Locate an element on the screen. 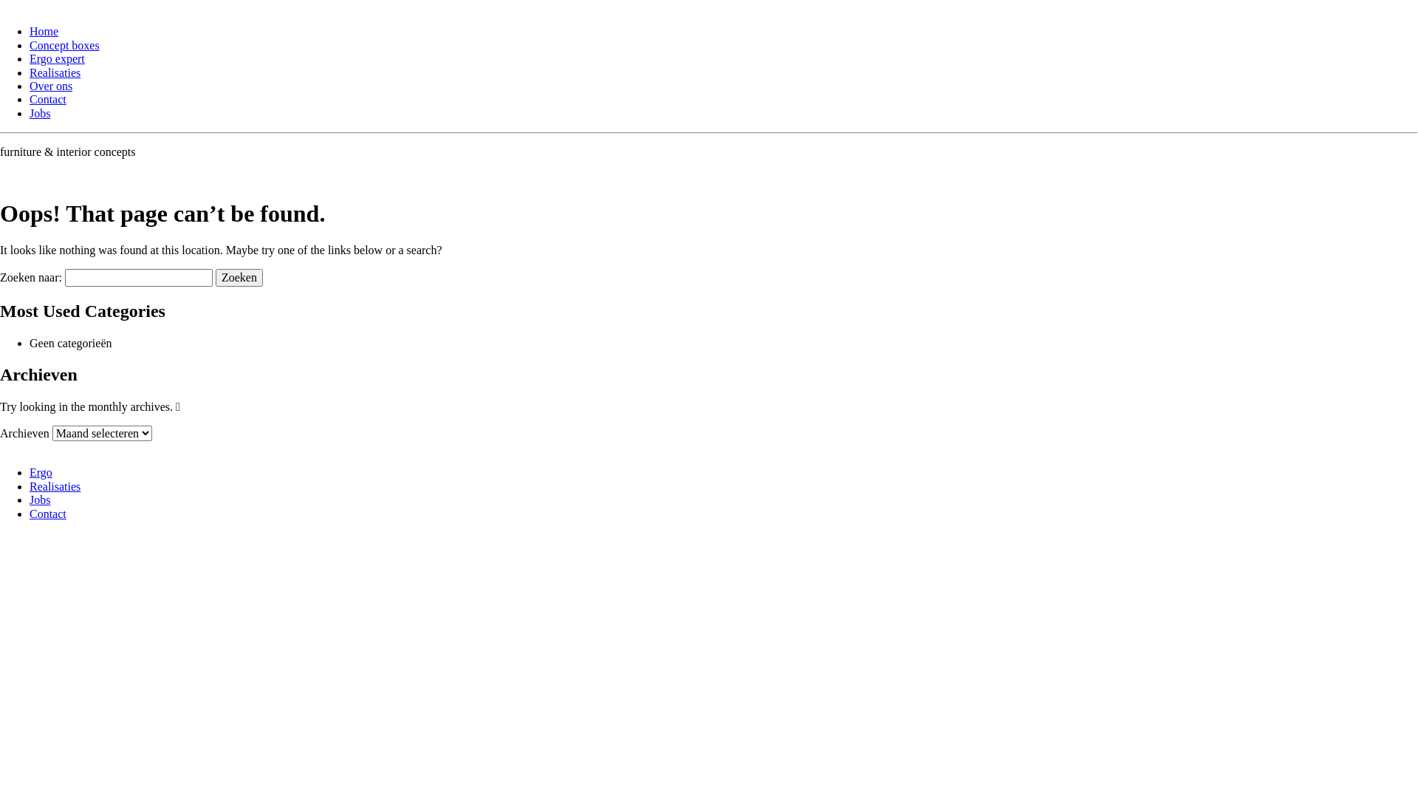 Image resolution: width=1418 pixels, height=798 pixels. 'Over ons' is located at coordinates (29, 86).